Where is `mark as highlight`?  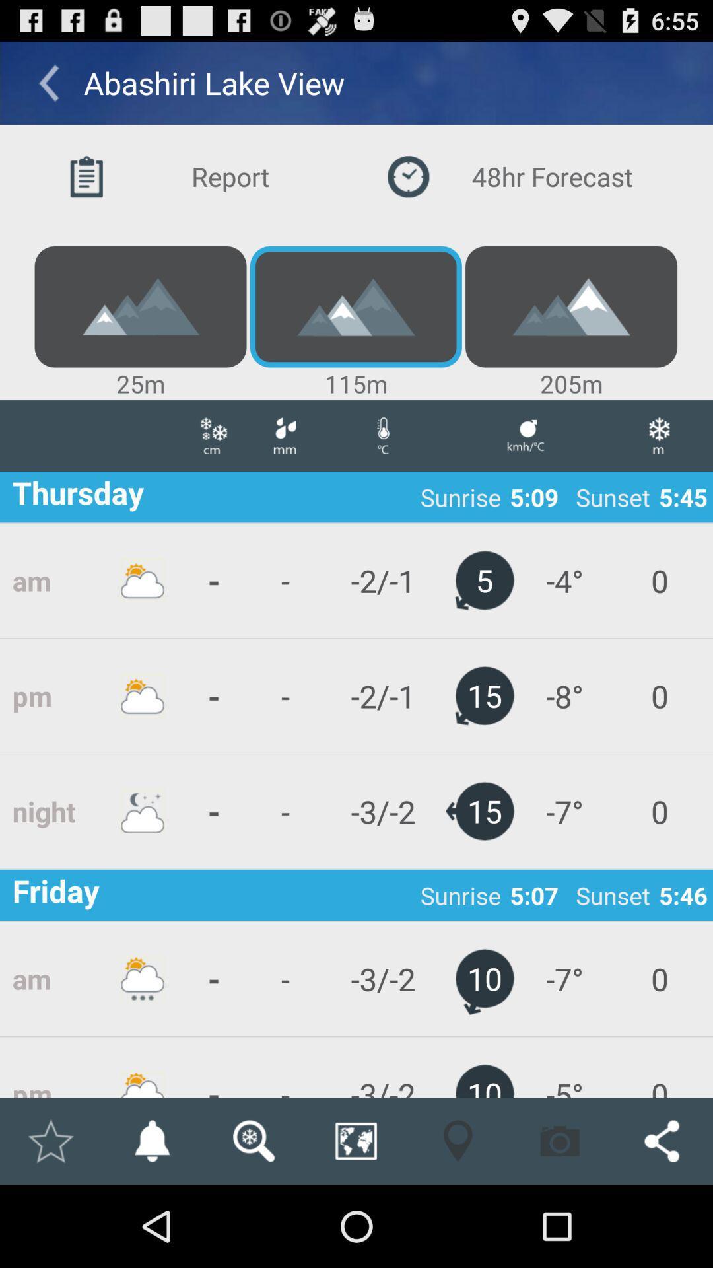
mark as highlight is located at coordinates (50, 1141).